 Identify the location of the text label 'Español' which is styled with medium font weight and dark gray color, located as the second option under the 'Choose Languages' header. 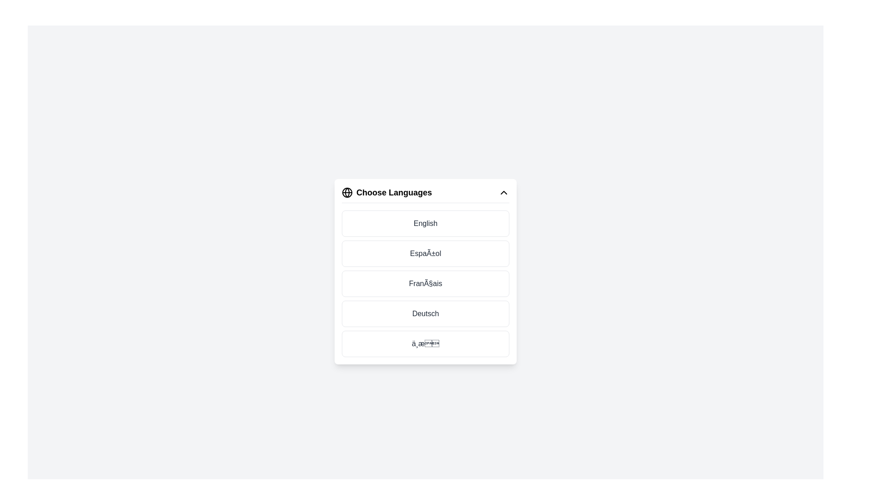
(425, 253).